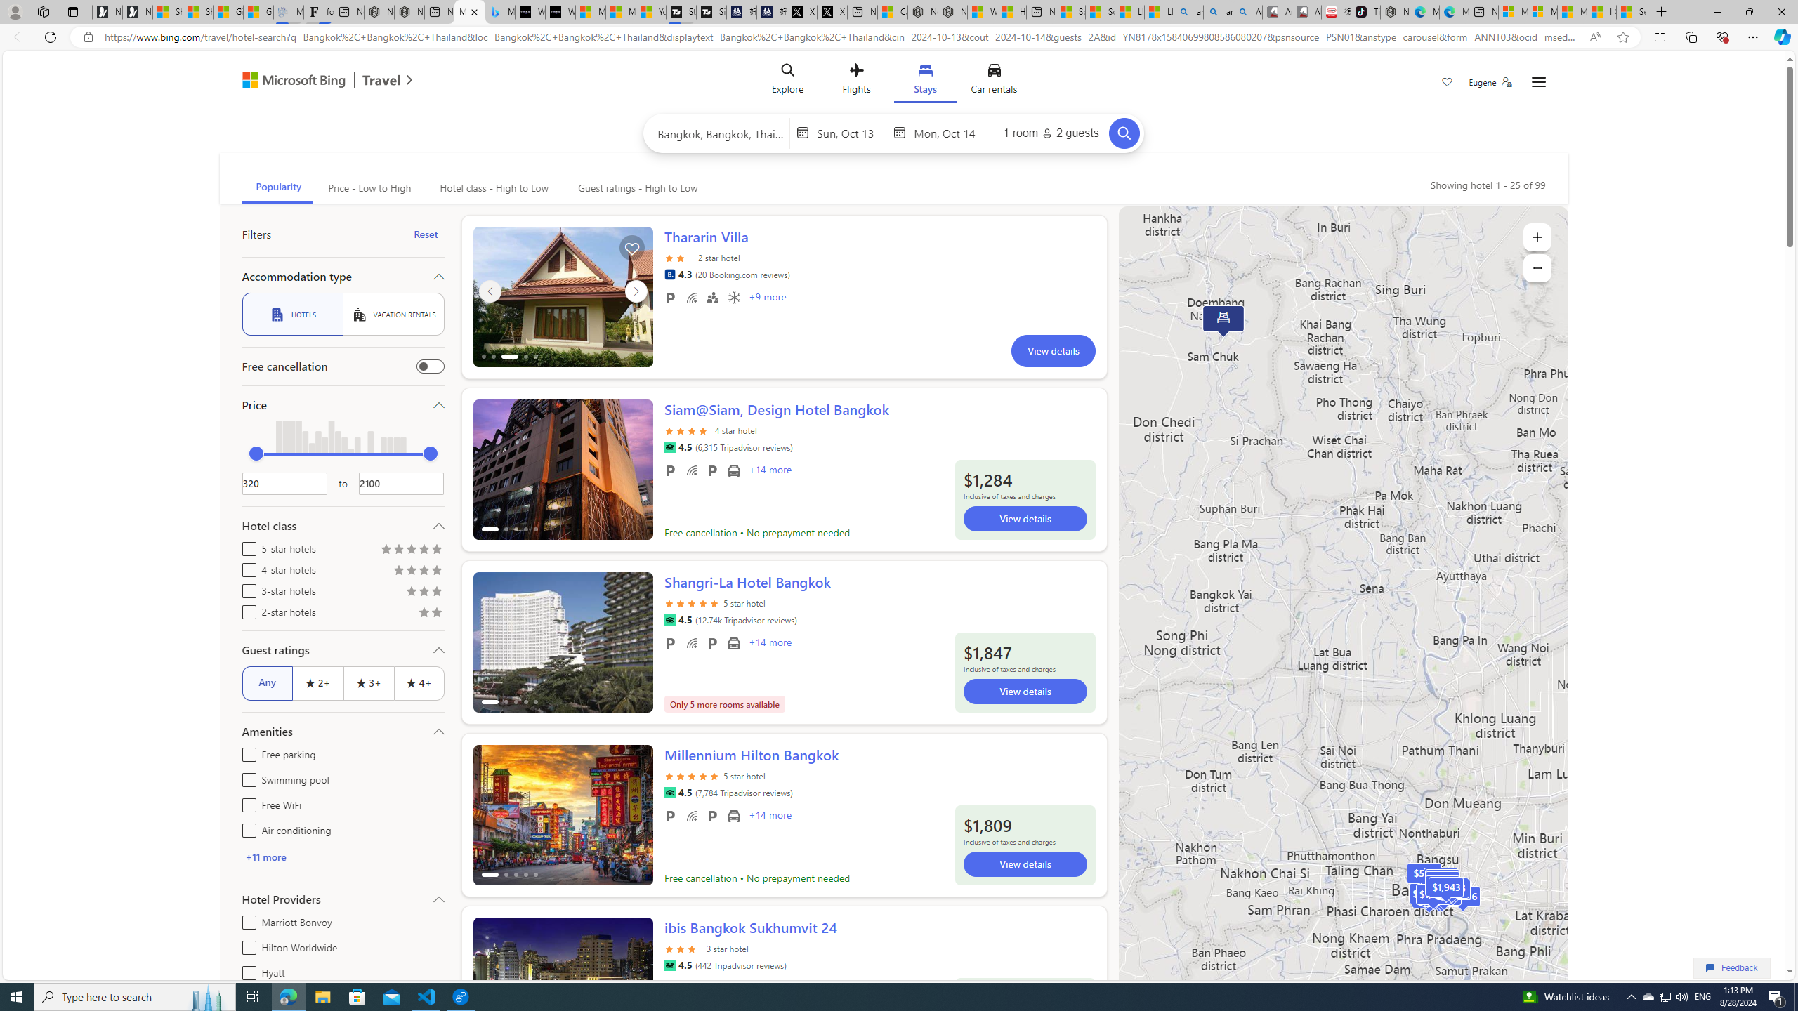  What do you see at coordinates (393, 314) in the screenshot?
I see `'VACATION RENTALS'` at bounding box center [393, 314].